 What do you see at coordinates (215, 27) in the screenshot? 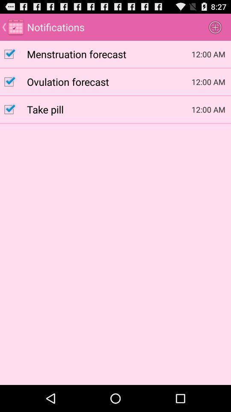
I see `item next to notifications app` at bounding box center [215, 27].